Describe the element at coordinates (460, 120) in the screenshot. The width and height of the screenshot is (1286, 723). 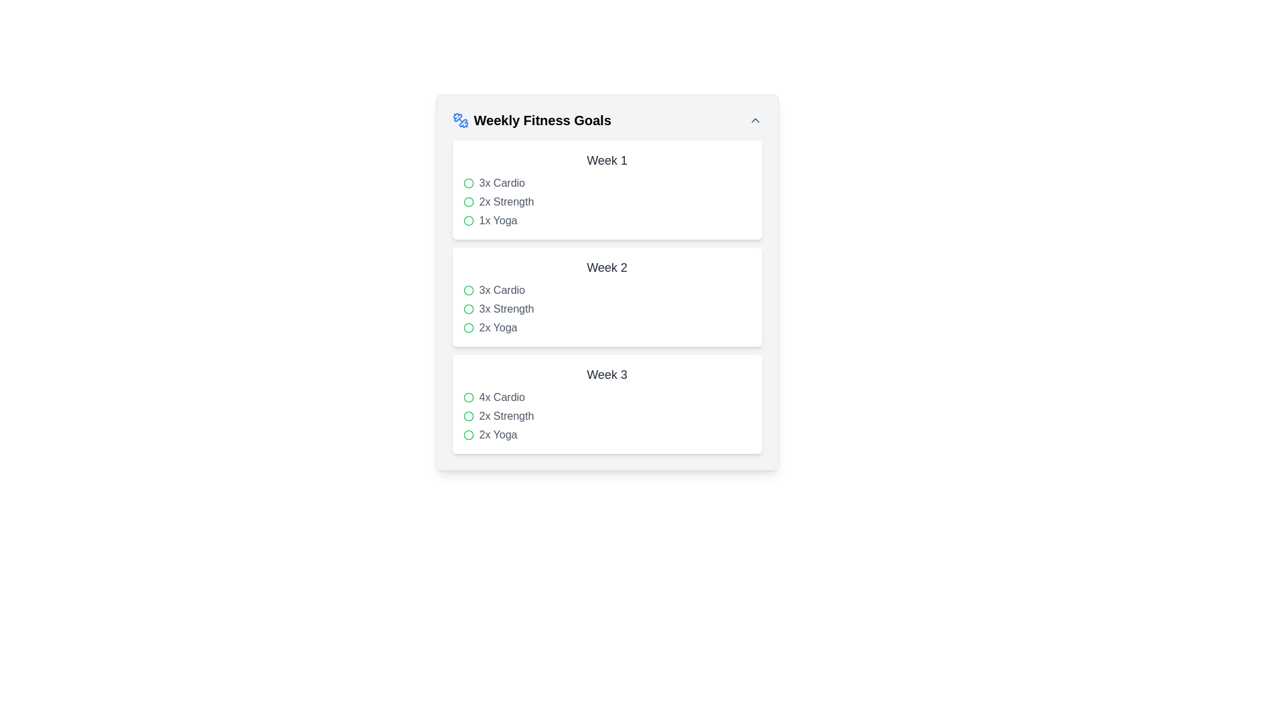
I see `the fitness goals icon located to the left of the 'Weekly Fitness Goals' text in the header row` at that location.